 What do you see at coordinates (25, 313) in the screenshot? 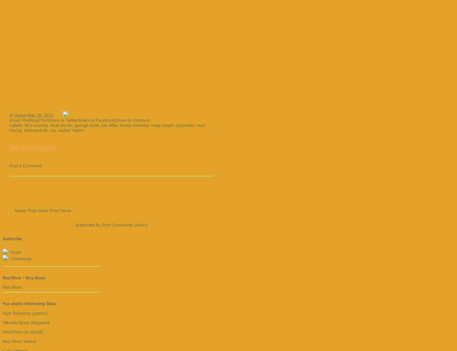
I see `'April Tompkins (author)'` at bounding box center [25, 313].